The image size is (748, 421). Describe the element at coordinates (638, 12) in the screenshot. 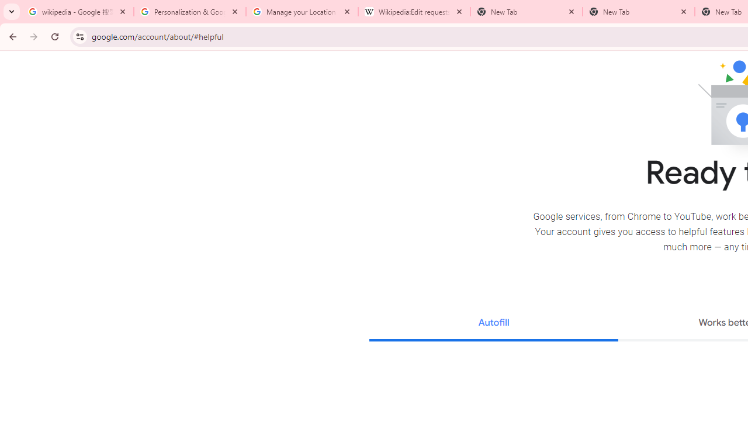

I see `'New Tab'` at that location.